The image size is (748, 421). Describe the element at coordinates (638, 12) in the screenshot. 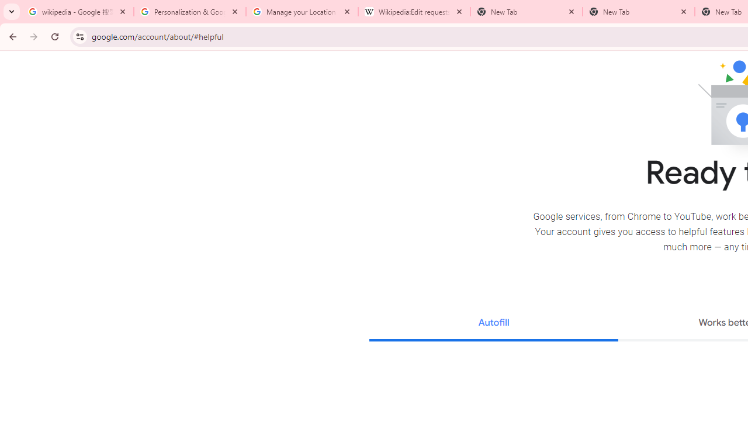

I see `'New Tab'` at that location.